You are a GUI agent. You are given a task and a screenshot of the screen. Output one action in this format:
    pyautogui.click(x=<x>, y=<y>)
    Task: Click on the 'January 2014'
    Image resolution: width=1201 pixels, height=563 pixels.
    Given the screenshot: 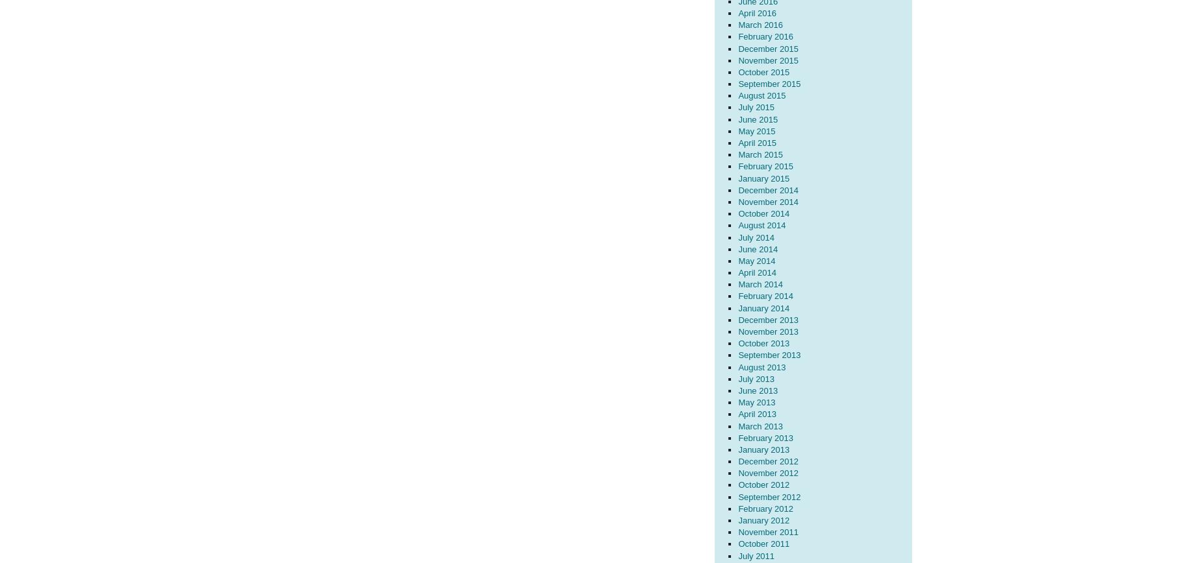 What is the action you would take?
    pyautogui.click(x=763, y=307)
    